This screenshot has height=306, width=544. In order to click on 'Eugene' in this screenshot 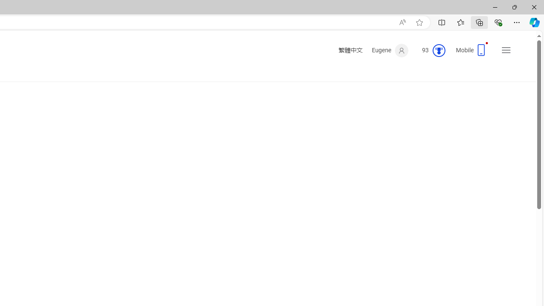, I will do `click(390, 51)`.